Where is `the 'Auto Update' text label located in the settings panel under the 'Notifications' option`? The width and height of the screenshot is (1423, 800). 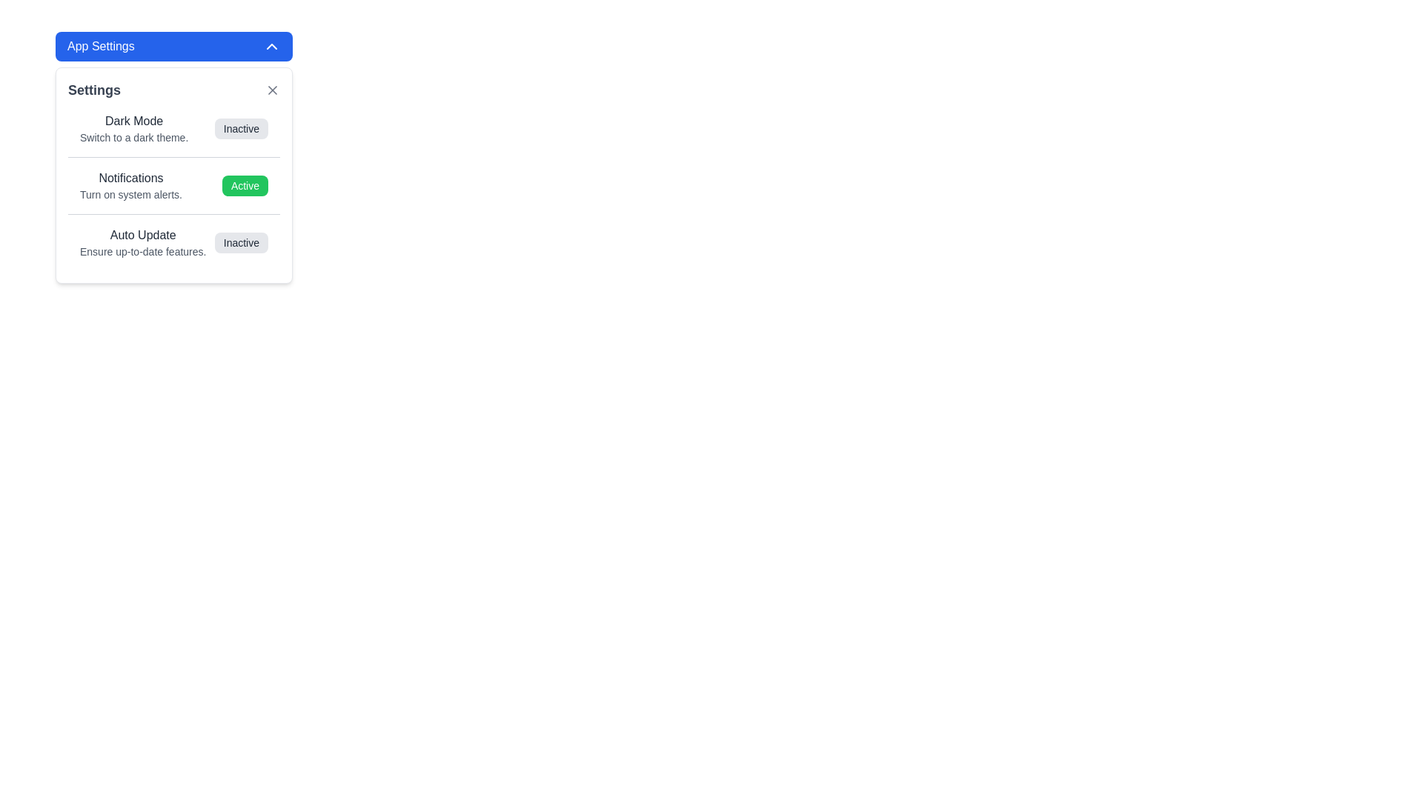
the 'Auto Update' text label located in the settings panel under the 'Notifications' option is located at coordinates (143, 234).